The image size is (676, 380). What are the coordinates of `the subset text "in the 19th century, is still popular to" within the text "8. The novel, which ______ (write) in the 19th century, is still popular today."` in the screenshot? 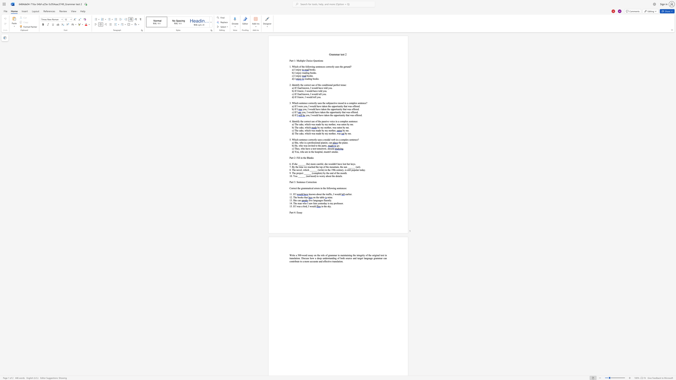 It's located at (325, 170).